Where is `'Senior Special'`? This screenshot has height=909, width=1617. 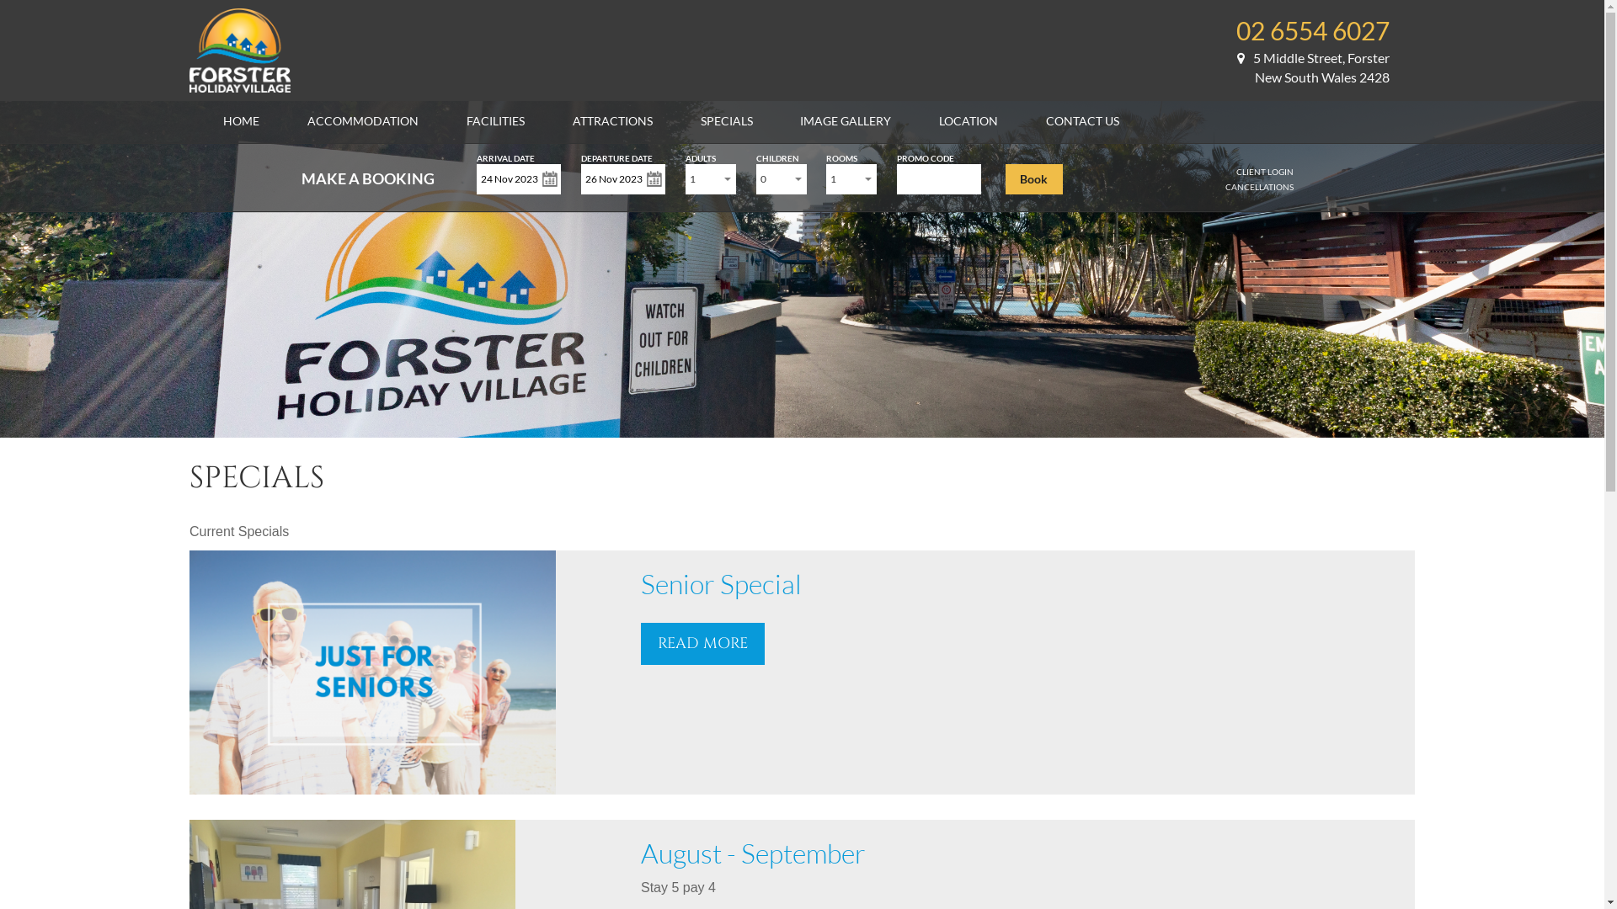 'Senior Special' is located at coordinates (721, 582).